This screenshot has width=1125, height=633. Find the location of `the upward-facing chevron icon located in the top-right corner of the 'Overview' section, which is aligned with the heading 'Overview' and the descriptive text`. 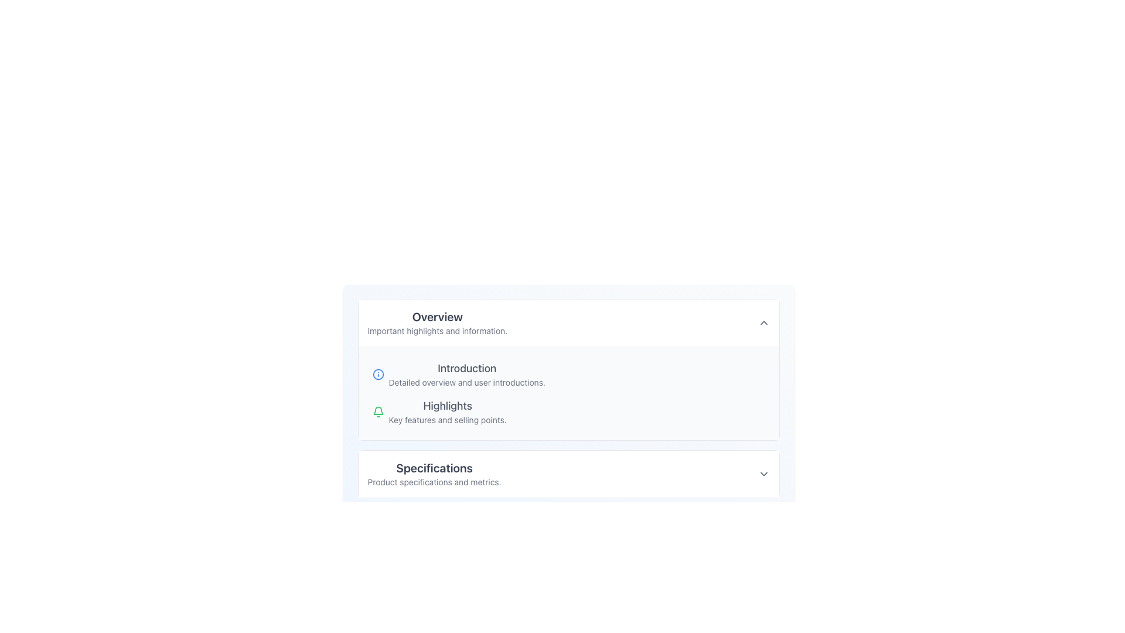

the upward-facing chevron icon located in the top-right corner of the 'Overview' section, which is aligned with the heading 'Overview' and the descriptive text is located at coordinates (763, 323).